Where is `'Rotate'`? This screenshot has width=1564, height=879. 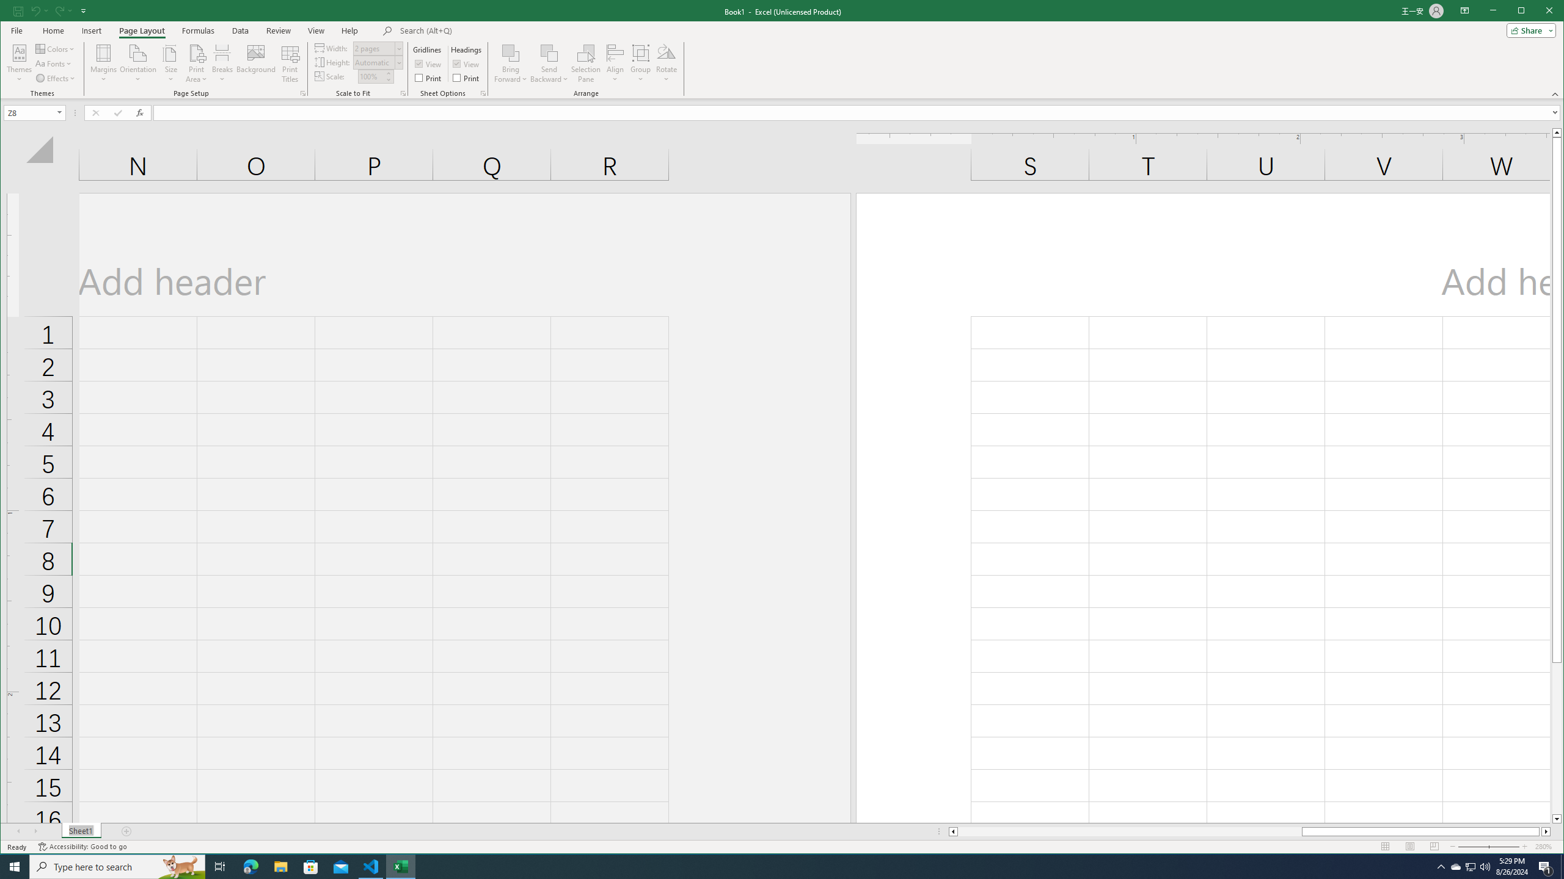
'Rotate' is located at coordinates (665, 63).